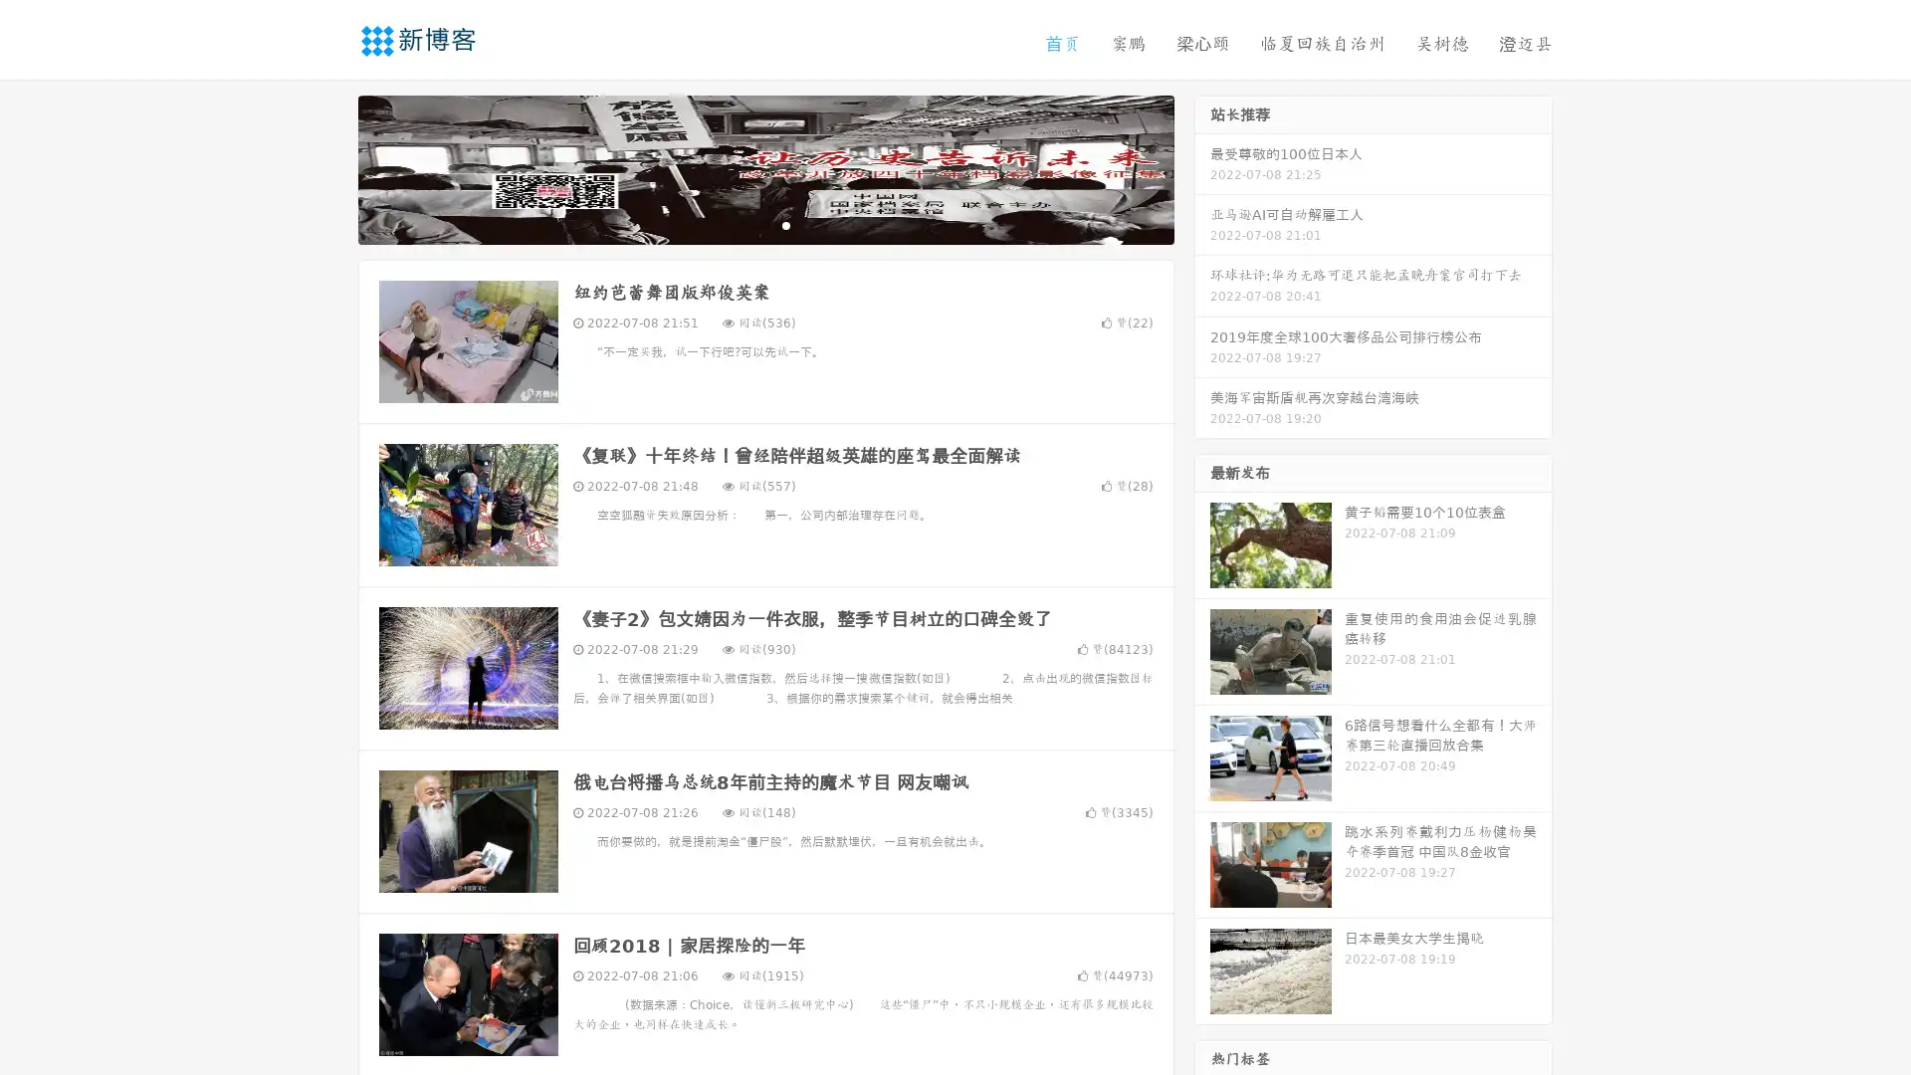 The image size is (1911, 1075). I want to click on Next slide, so click(1202, 167).